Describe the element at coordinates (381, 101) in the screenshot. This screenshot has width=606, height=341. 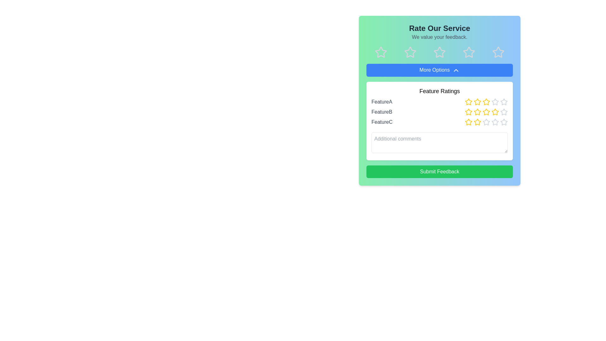
I see `the 'FeatureA' text label, which is the first item in the vertically aligned list of features within the 'Feature Ratings' block` at that location.